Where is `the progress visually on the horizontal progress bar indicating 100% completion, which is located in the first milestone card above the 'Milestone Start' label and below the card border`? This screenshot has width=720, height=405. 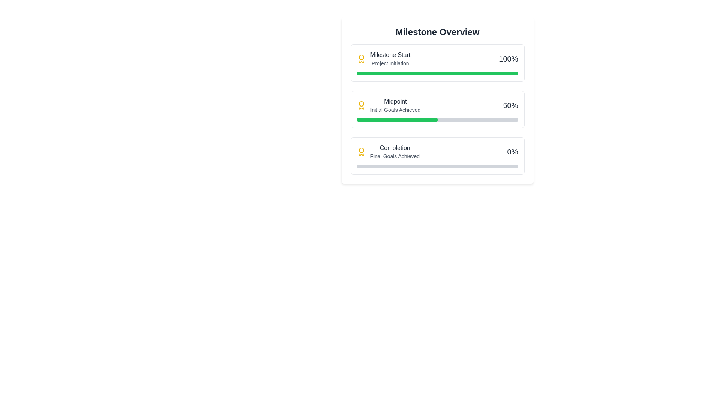 the progress visually on the horizontal progress bar indicating 100% completion, which is located in the first milestone card above the 'Milestone Start' label and below the card border is located at coordinates (437, 73).